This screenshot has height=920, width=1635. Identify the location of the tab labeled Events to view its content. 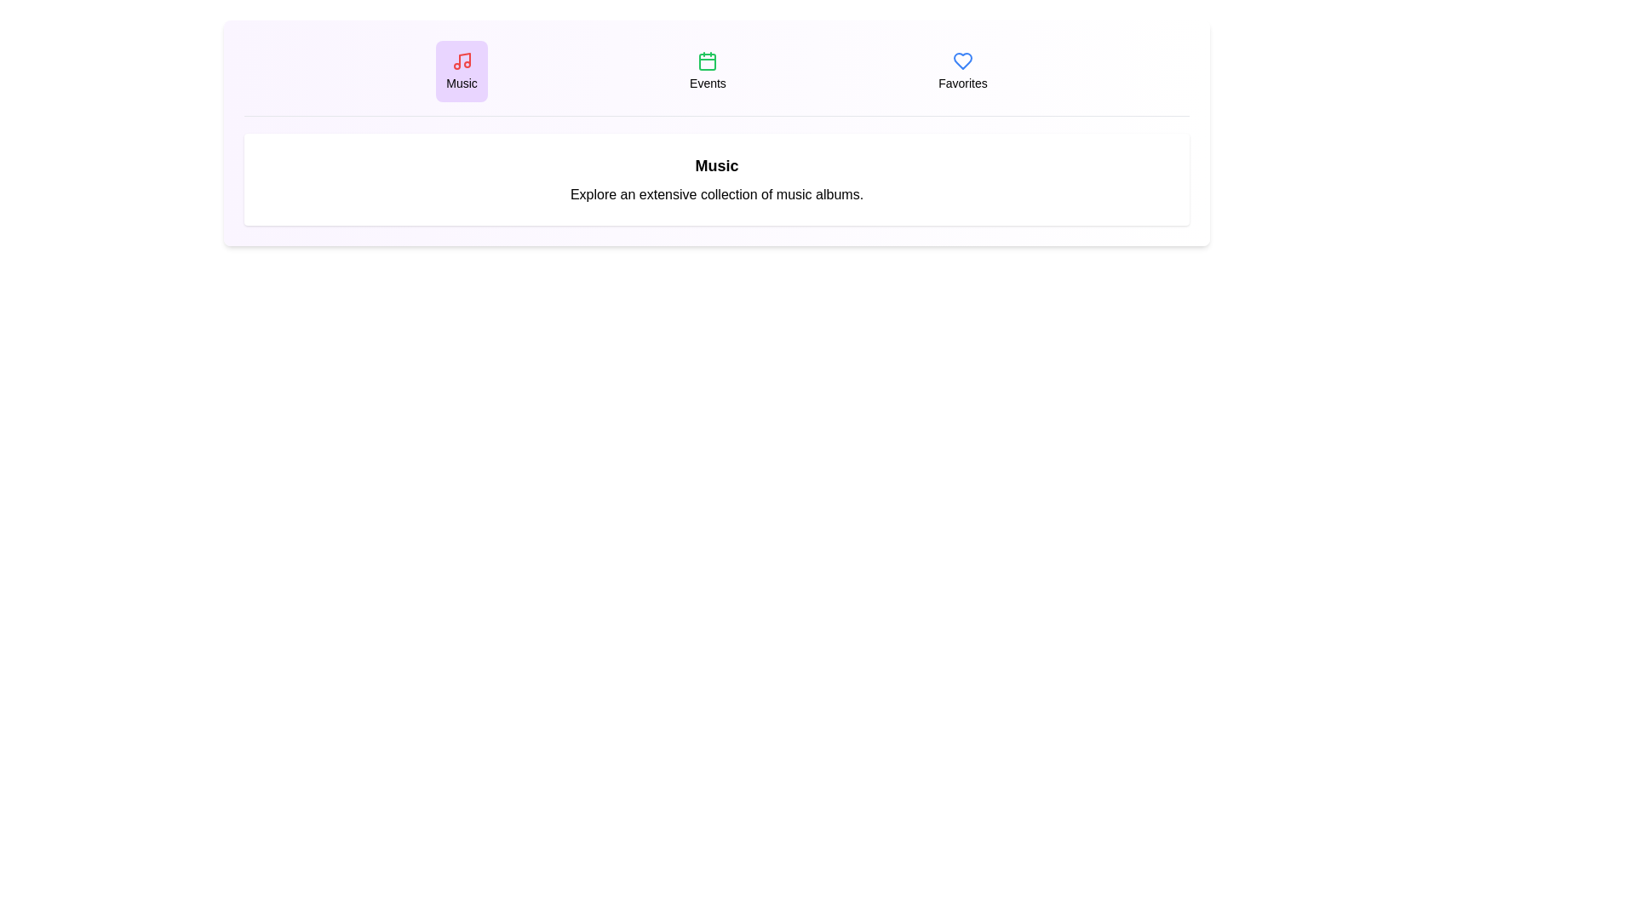
(708, 71).